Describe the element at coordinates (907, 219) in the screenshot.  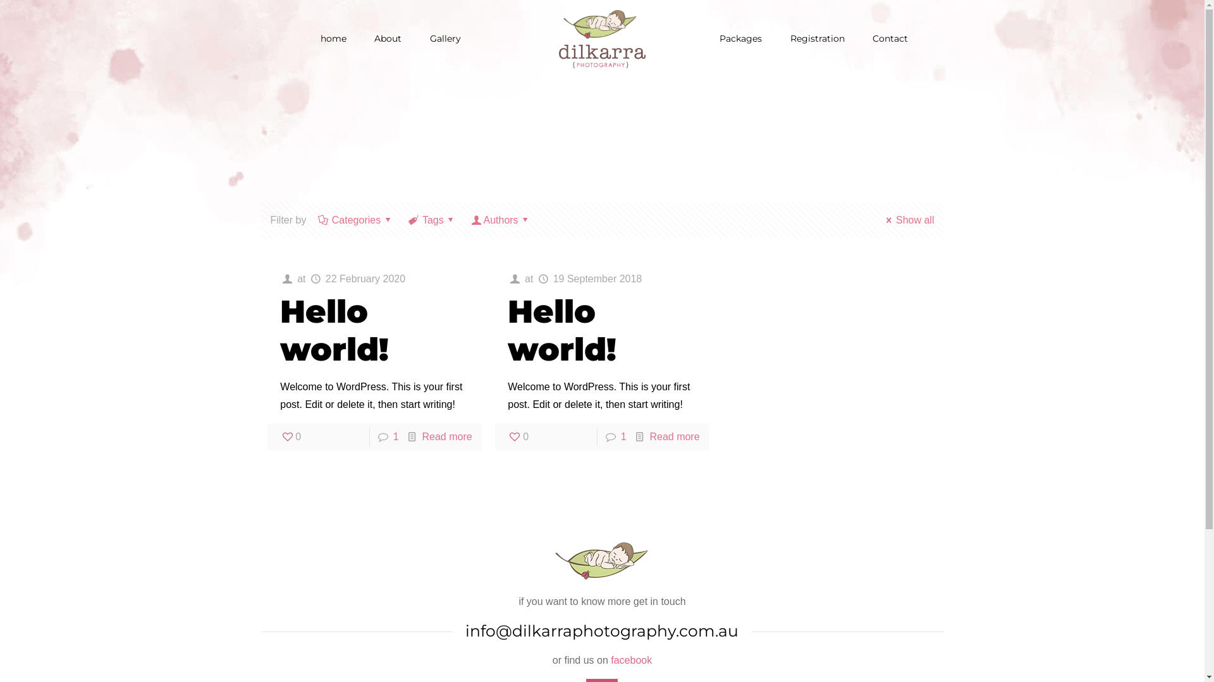
I see `'Show all'` at that location.